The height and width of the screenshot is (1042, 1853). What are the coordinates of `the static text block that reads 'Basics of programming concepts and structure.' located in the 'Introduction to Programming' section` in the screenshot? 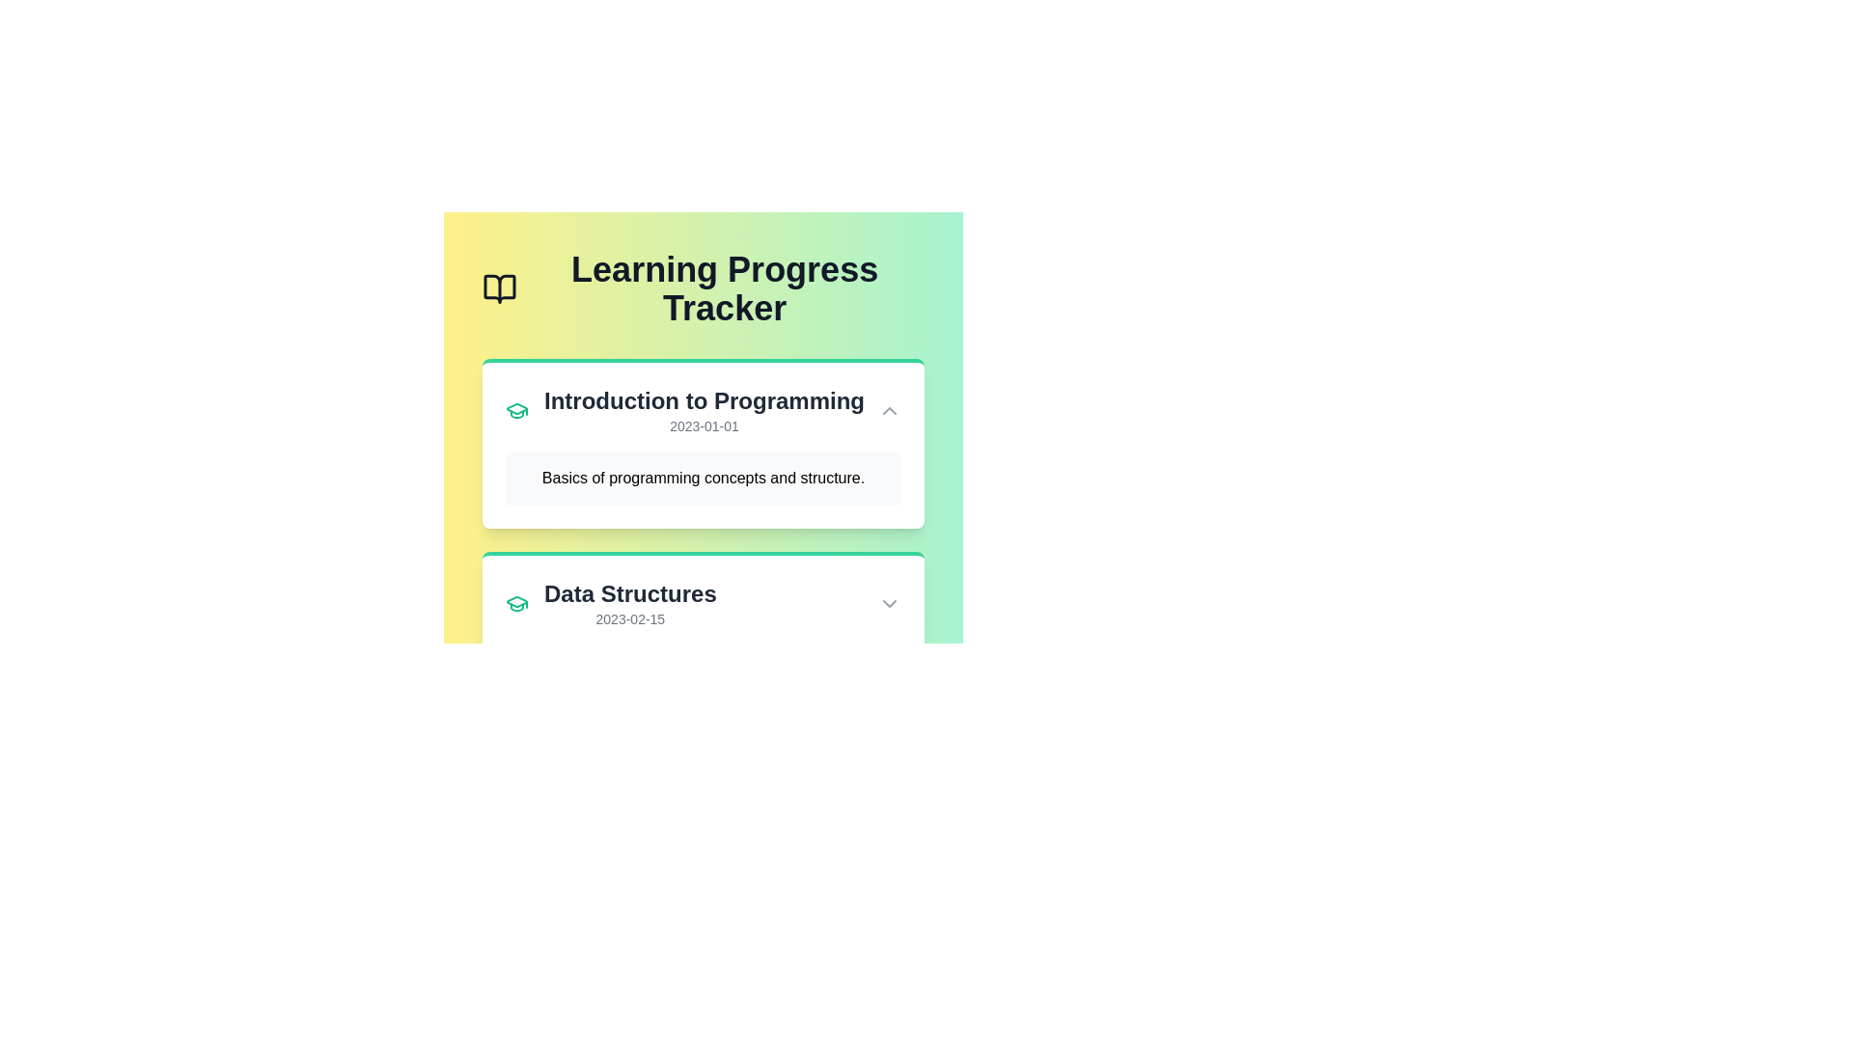 It's located at (703, 478).